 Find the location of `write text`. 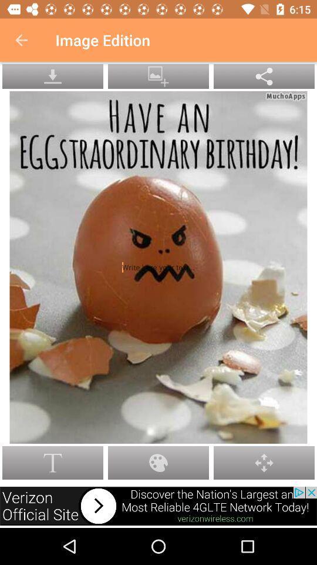

write text is located at coordinates (158, 267).